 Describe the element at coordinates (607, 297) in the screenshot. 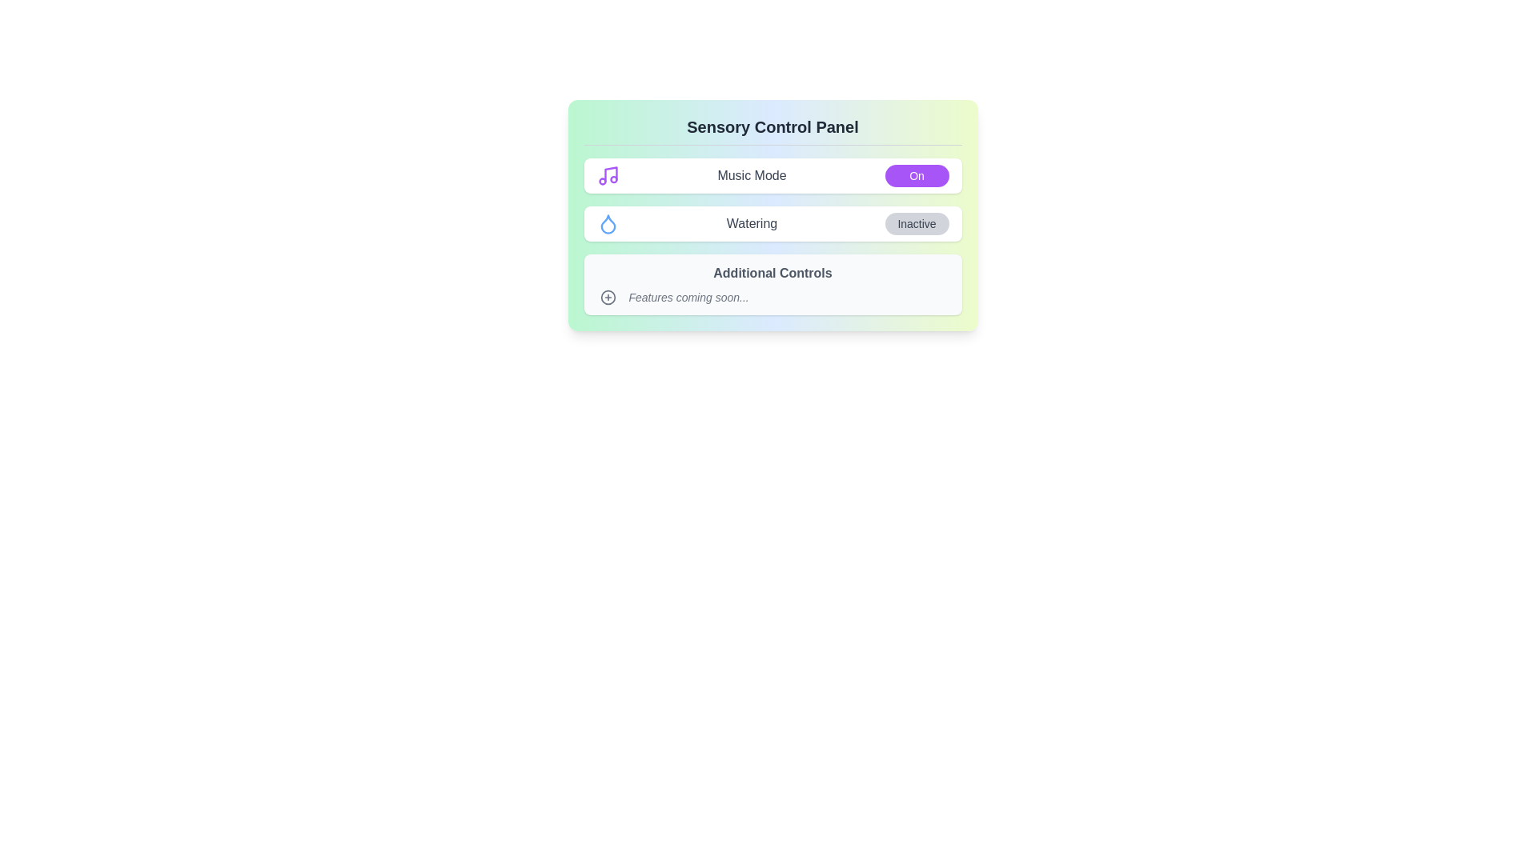

I see `the decorative icon in the 'Additional Controls' section, near the label 'Features coming soon...'` at that location.